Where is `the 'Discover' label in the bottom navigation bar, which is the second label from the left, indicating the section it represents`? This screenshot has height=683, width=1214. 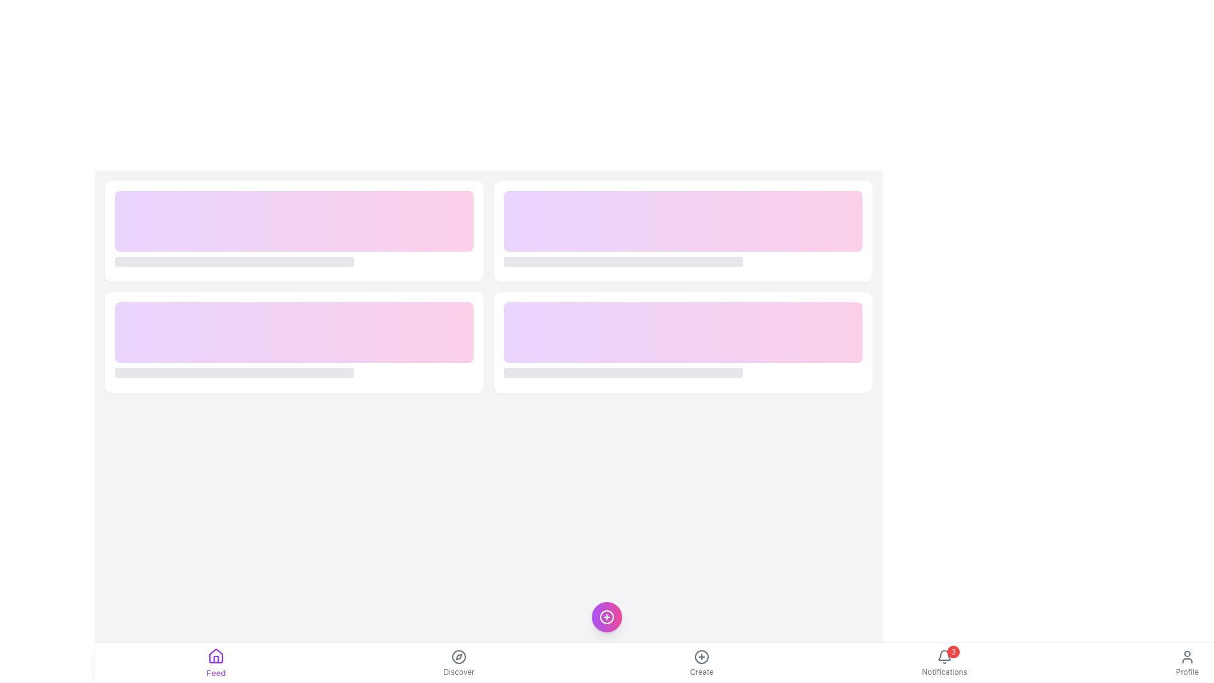
the 'Discover' label in the bottom navigation bar, which is the second label from the left, indicating the section it represents is located at coordinates (458, 671).